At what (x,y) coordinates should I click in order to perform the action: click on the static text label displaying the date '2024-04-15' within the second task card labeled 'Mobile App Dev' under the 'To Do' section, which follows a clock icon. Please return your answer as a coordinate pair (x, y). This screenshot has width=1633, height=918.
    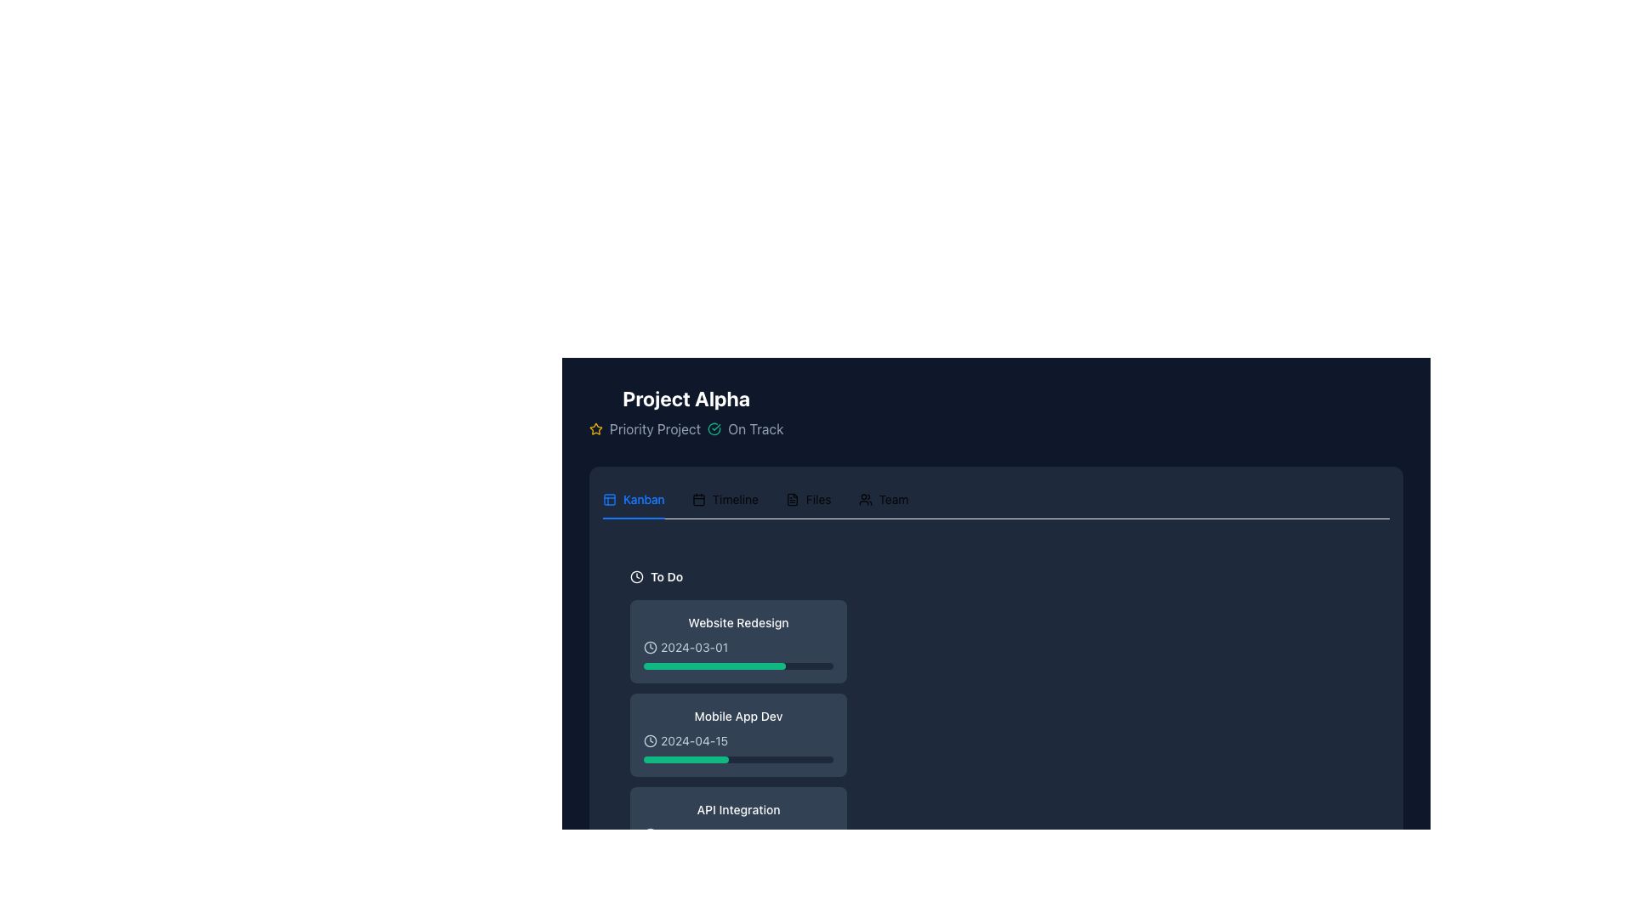
    Looking at the image, I should click on (694, 739).